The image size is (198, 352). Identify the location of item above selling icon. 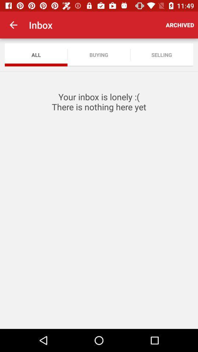
(179, 25).